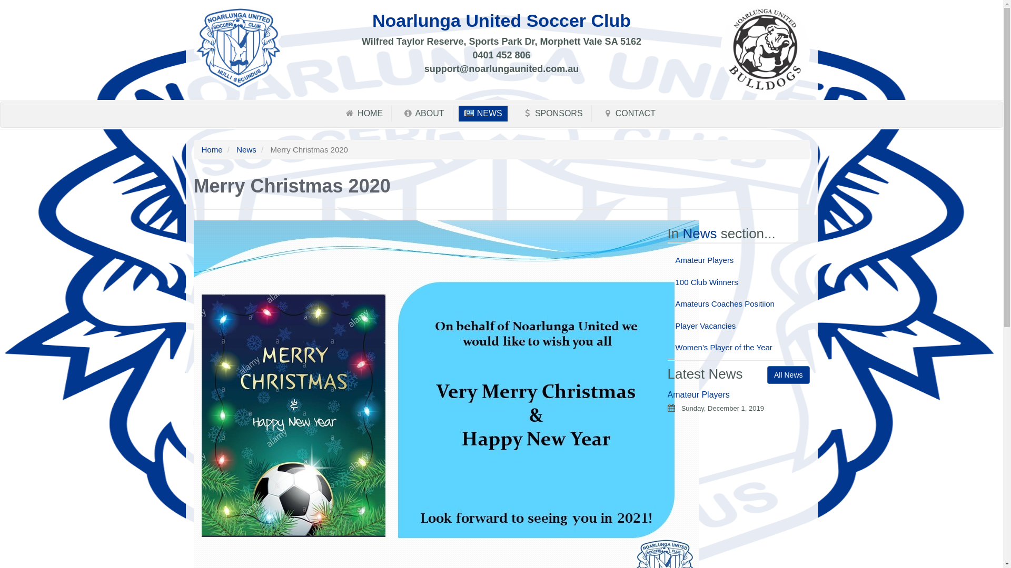 The height and width of the screenshot is (568, 1011). I want to click on '100 Club Winners', so click(738, 281).